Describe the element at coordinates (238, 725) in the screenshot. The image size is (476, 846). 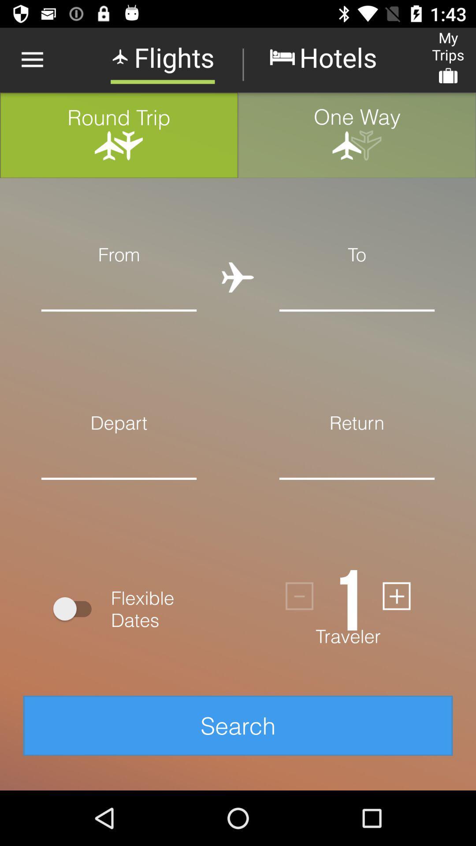
I see `the search` at that location.